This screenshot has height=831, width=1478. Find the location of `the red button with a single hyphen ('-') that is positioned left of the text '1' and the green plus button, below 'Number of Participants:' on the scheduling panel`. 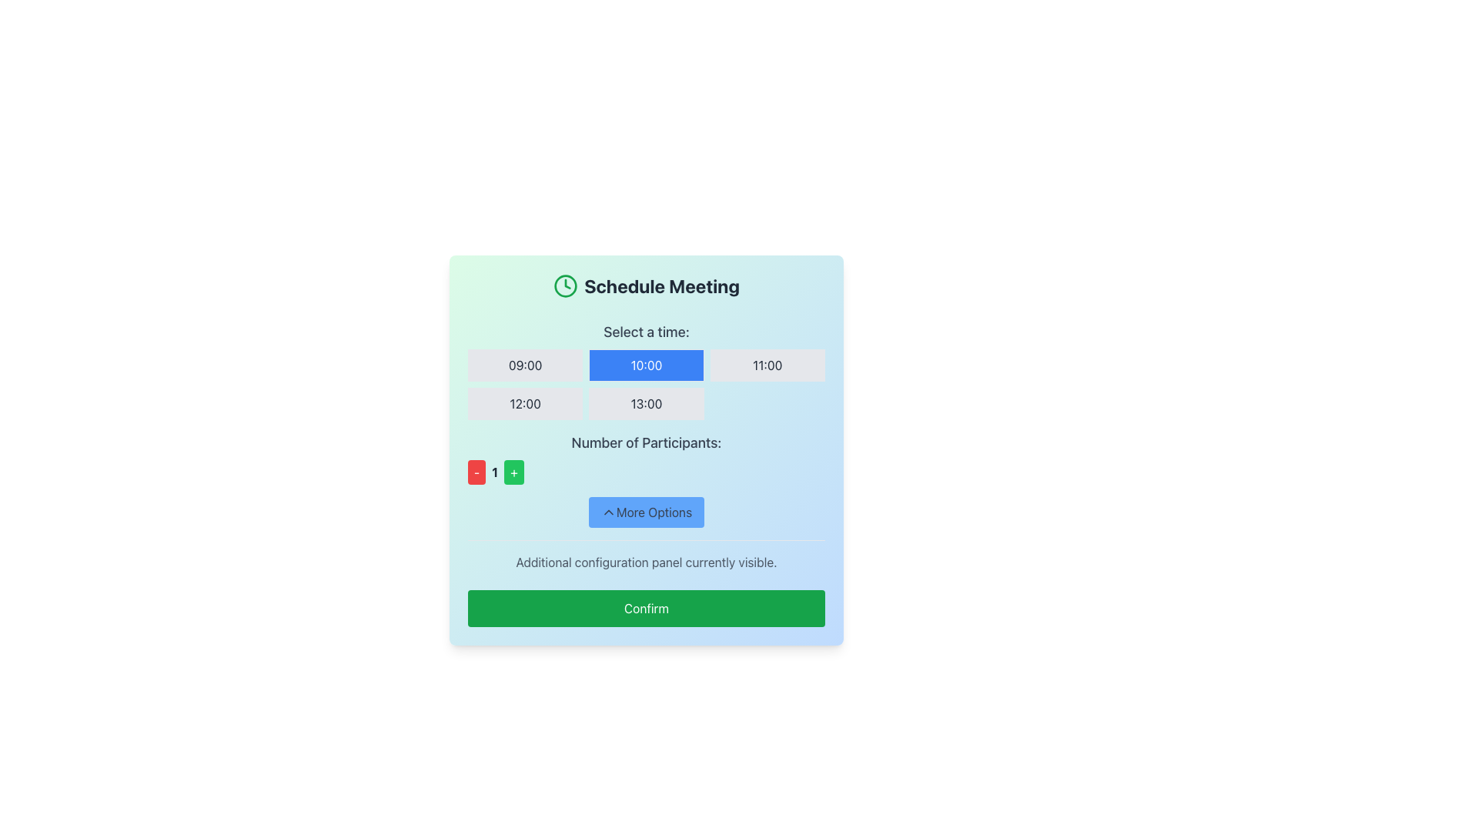

the red button with a single hyphen ('-') that is positioned left of the text '1' and the green plus button, below 'Number of Participants:' on the scheduling panel is located at coordinates (476, 471).